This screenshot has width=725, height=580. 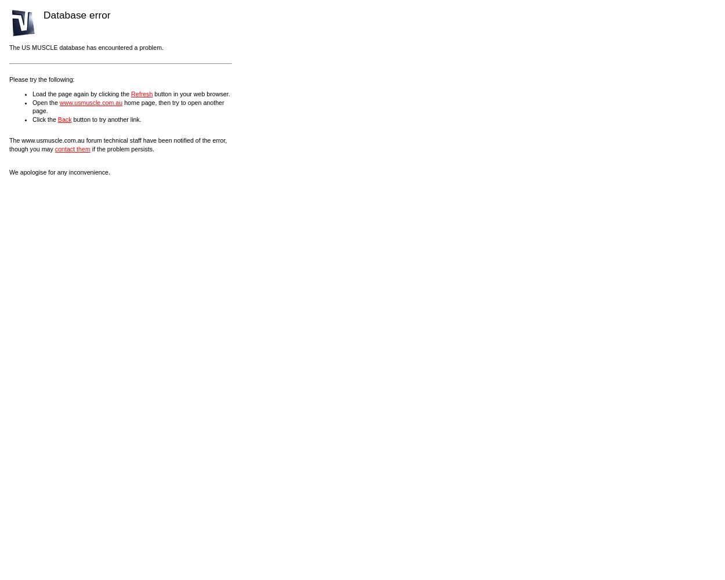 I want to click on 'Back', so click(x=64, y=118).